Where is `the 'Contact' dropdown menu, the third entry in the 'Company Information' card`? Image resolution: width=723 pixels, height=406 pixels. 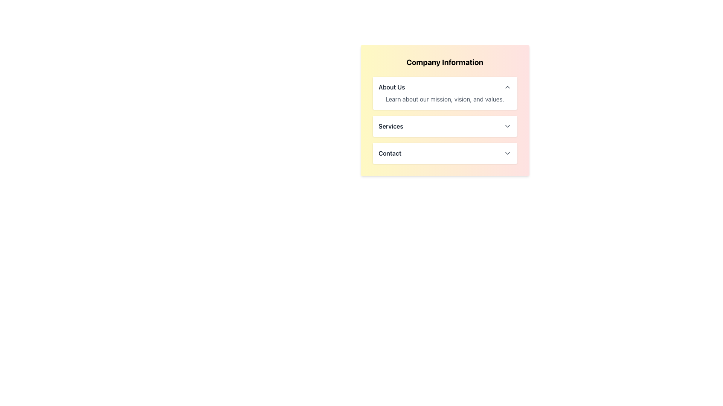
the 'Contact' dropdown menu, the third entry in the 'Company Information' card is located at coordinates (445, 153).